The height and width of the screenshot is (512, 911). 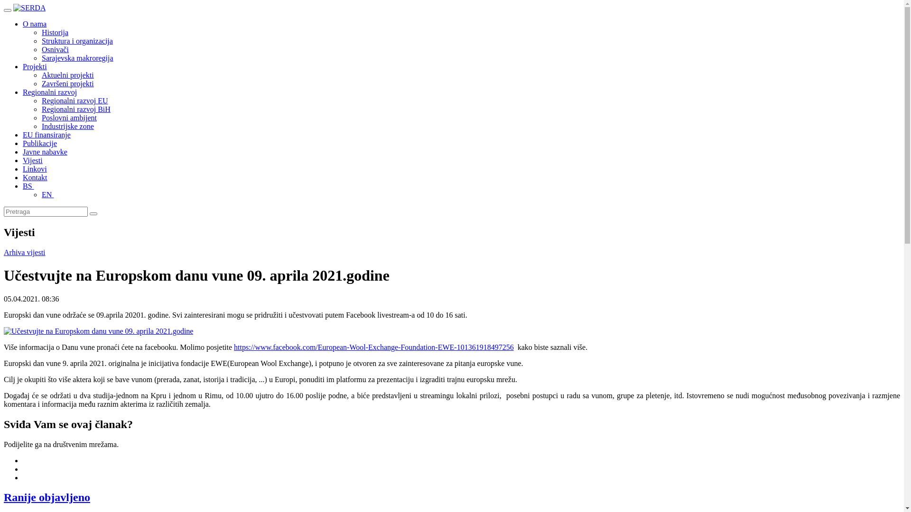 What do you see at coordinates (34, 23) in the screenshot?
I see `'O nama'` at bounding box center [34, 23].